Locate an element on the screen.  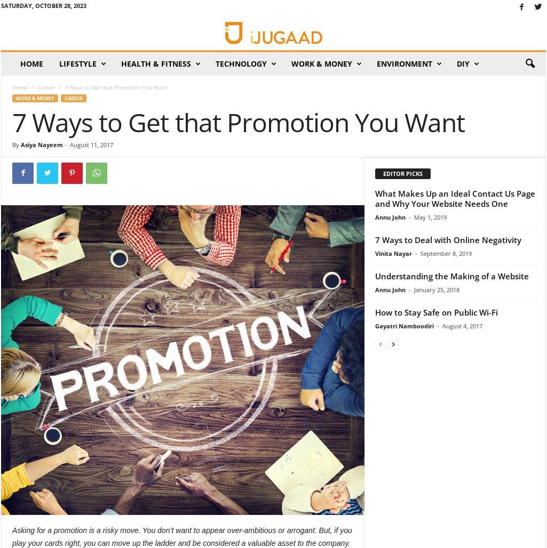
'Saturday, October 28, 2023' is located at coordinates (43, 5).